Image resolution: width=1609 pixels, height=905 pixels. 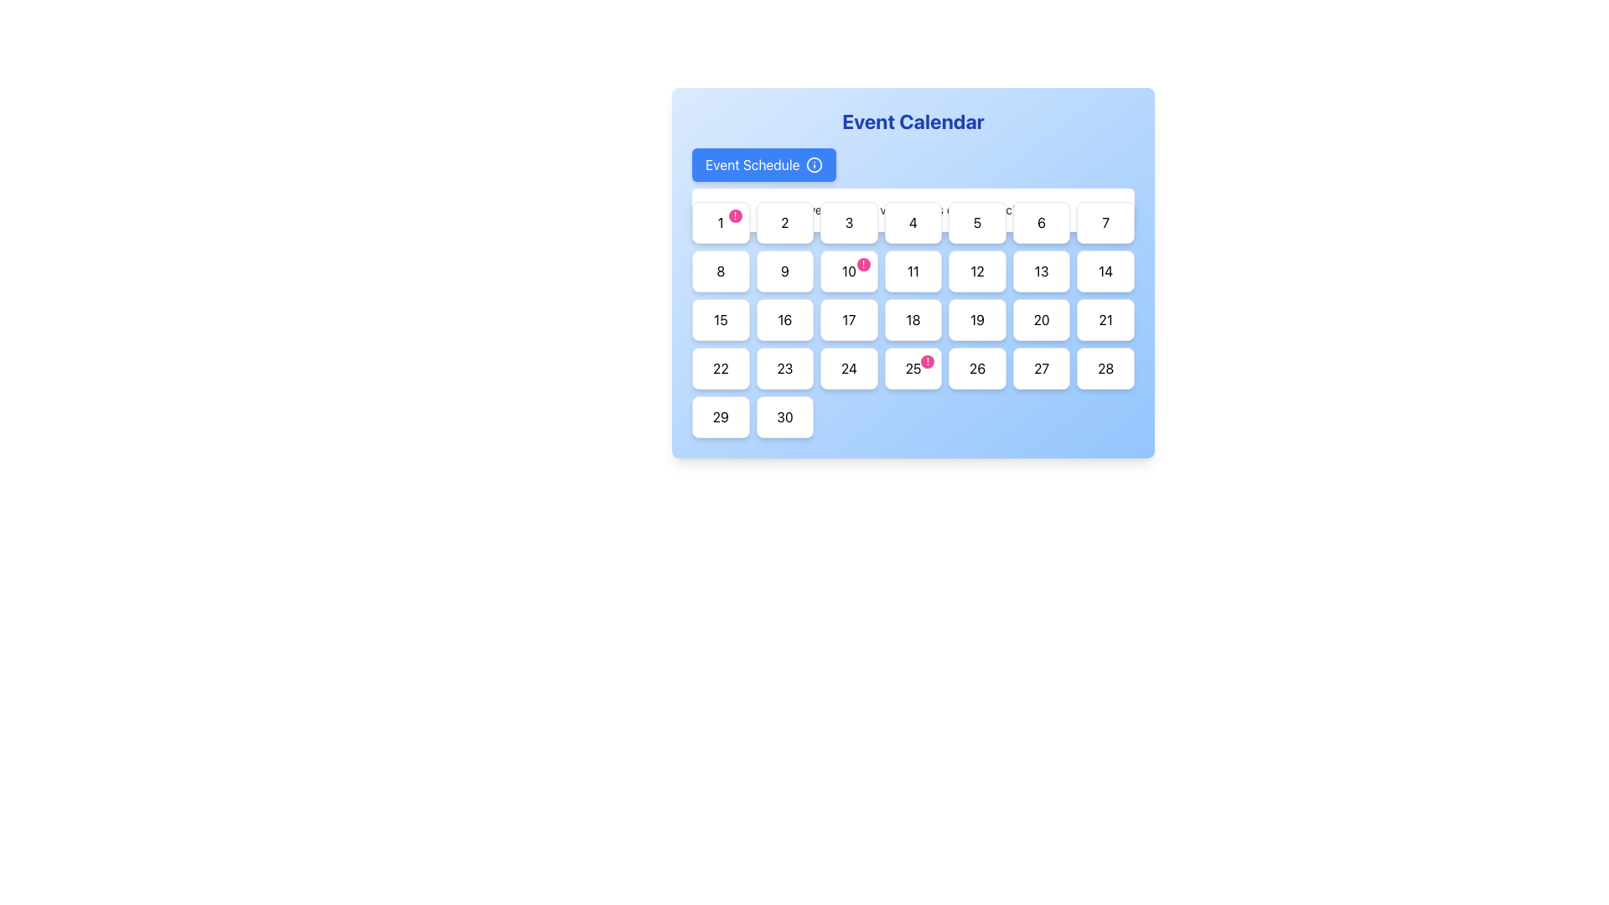 What do you see at coordinates (721, 319) in the screenshot?
I see `the calendar date cell displaying the number '15' to trigger its hover effects` at bounding box center [721, 319].